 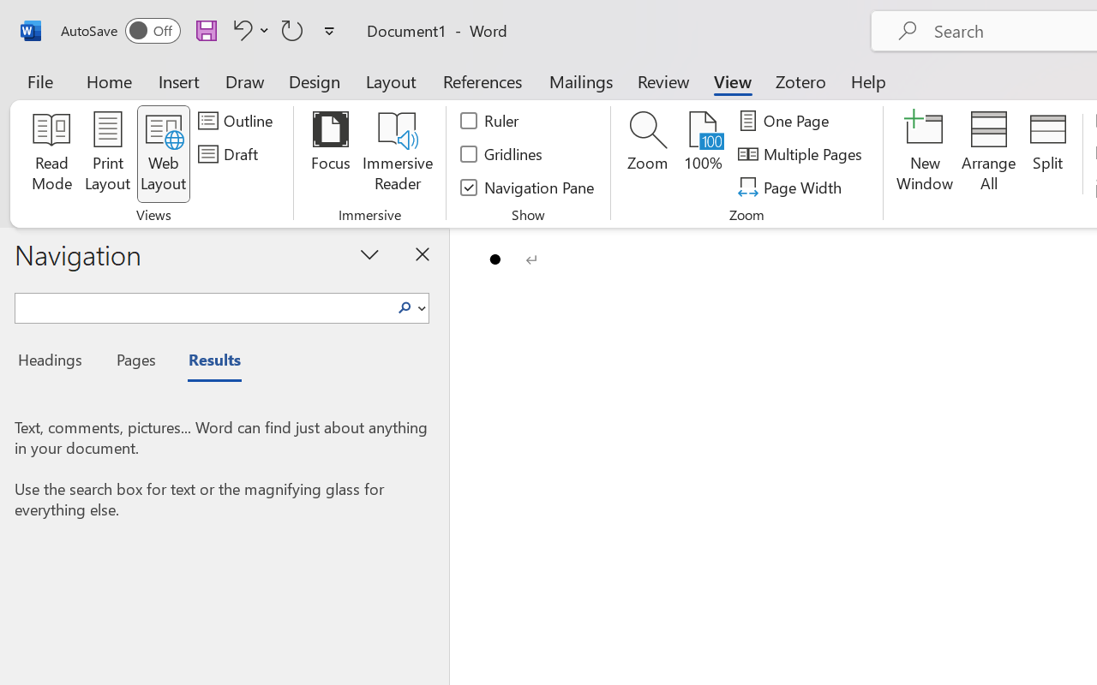 What do you see at coordinates (203, 306) in the screenshot?
I see `'Search document'` at bounding box center [203, 306].